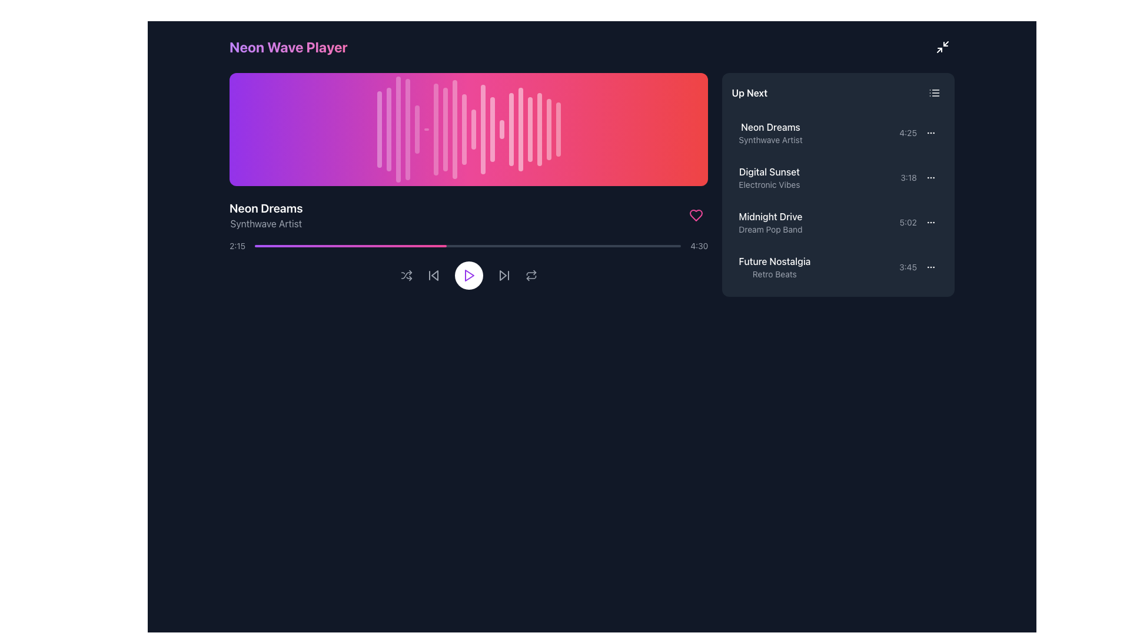 The image size is (1130, 636). Describe the element at coordinates (350, 245) in the screenshot. I see `the visual progress indicator that represents the progress through the current audio track, located within the progress bar component of the interface` at that location.